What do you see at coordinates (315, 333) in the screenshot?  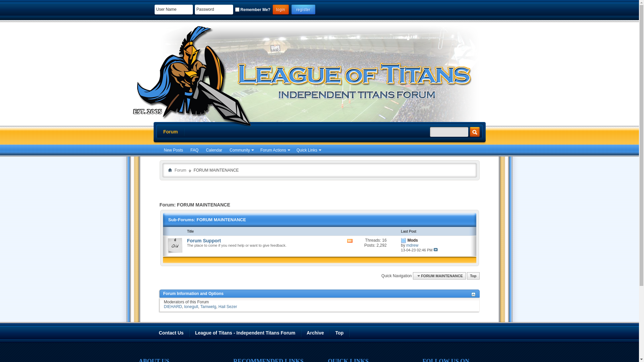 I see `'Archive'` at bounding box center [315, 333].